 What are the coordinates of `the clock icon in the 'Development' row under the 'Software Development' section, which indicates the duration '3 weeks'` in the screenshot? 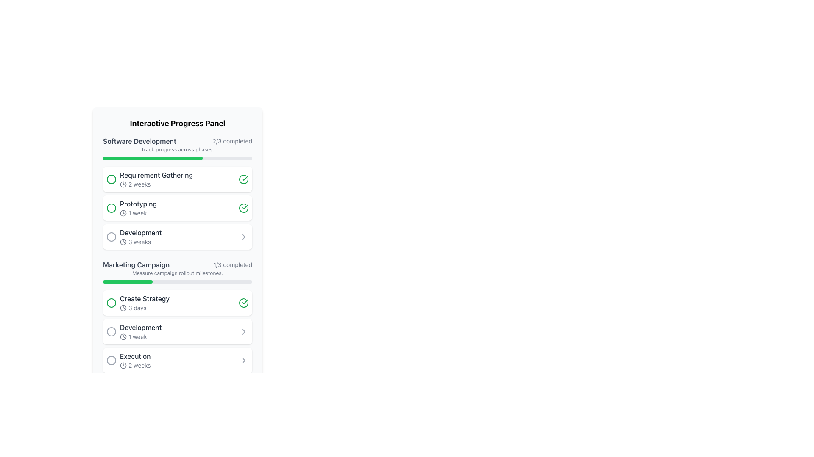 It's located at (123, 242).